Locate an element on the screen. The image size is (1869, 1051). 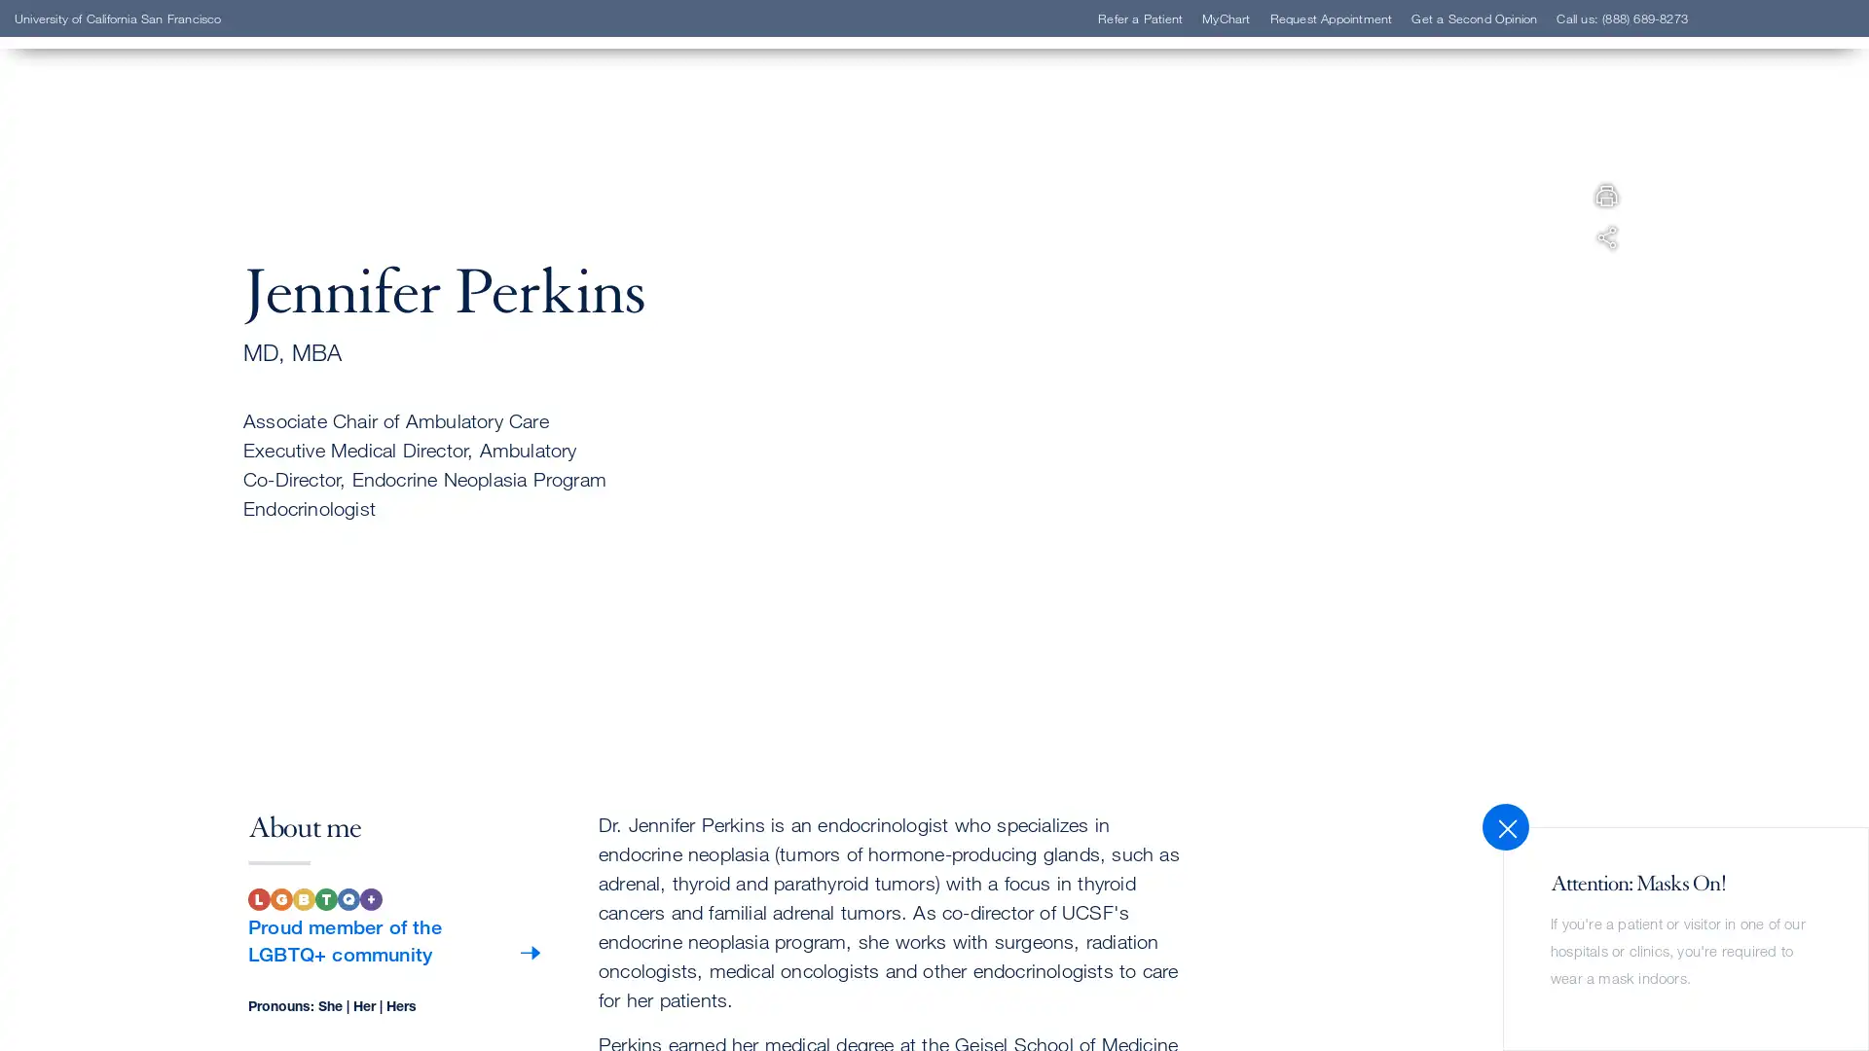
Locations & Directions is located at coordinates (173, 431).